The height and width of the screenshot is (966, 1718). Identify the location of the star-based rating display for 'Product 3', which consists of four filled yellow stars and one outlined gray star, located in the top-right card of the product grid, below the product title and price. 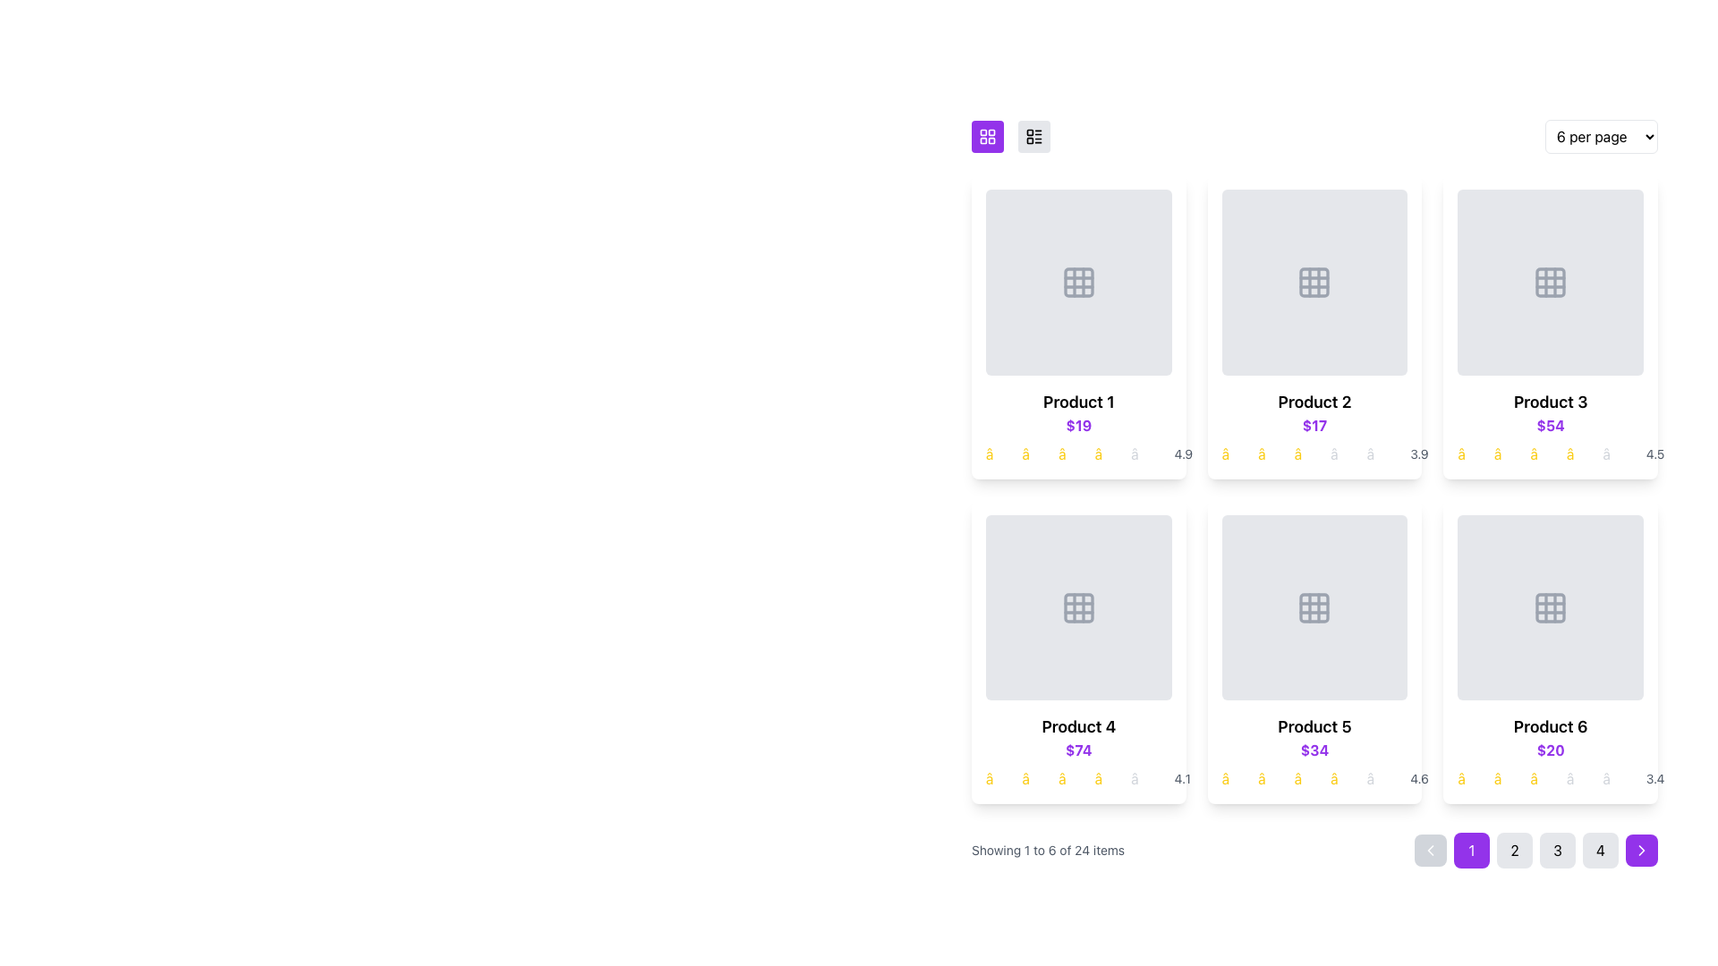
(1547, 453).